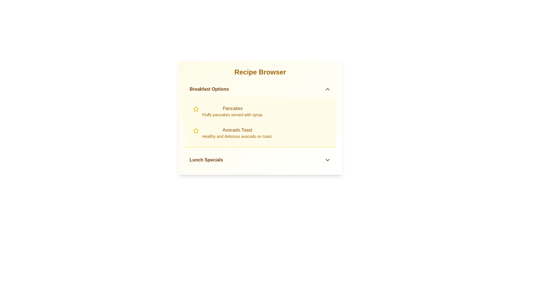 The image size is (547, 307). What do you see at coordinates (196, 130) in the screenshot?
I see `the star icon corresponding to the recipe Avocado Toast` at bounding box center [196, 130].